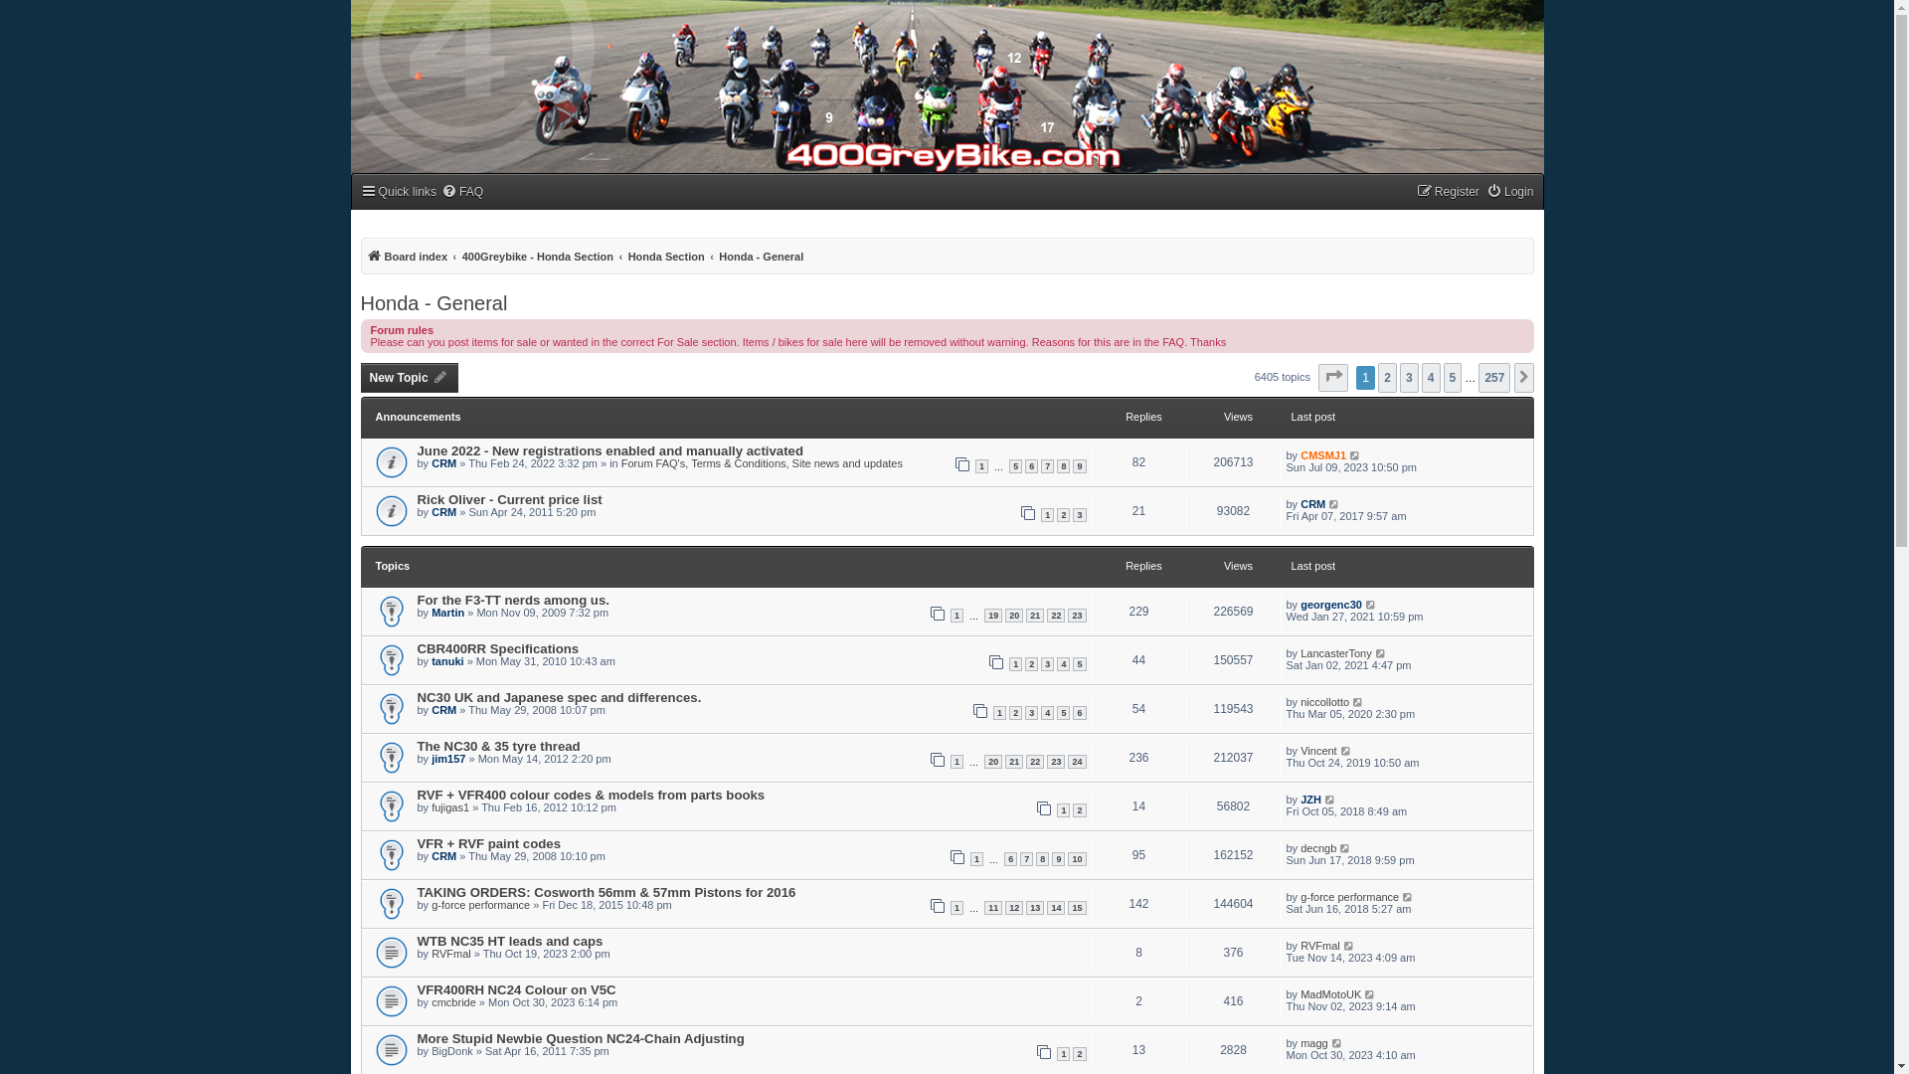 Image resolution: width=1909 pixels, height=1074 pixels. What do you see at coordinates (1336, 652) in the screenshot?
I see `'LancasterTony'` at bounding box center [1336, 652].